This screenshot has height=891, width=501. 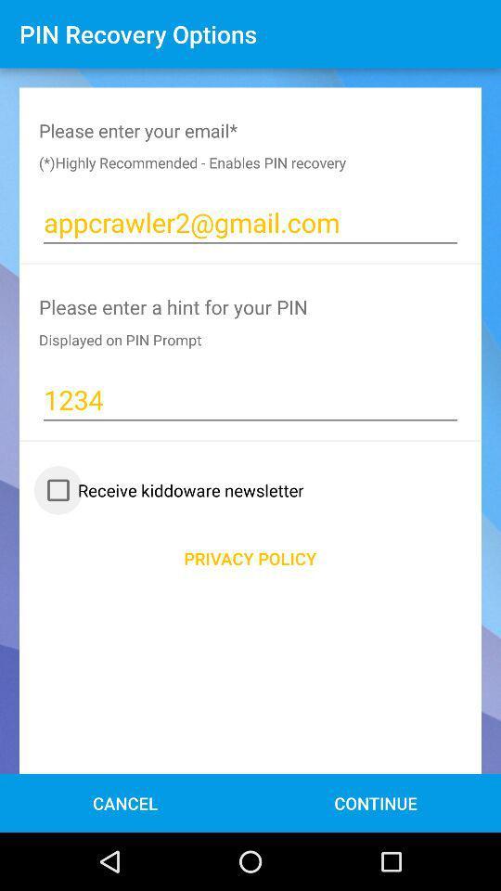 I want to click on the continue at the bottom right corner, so click(x=376, y=802).